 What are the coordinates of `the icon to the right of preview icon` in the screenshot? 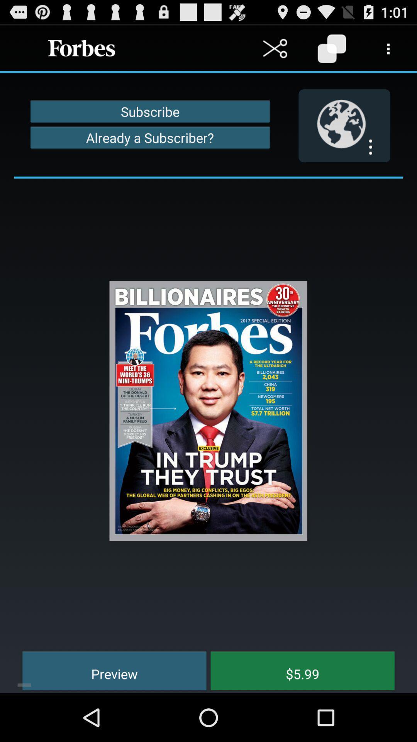 It's located at (297, 669).